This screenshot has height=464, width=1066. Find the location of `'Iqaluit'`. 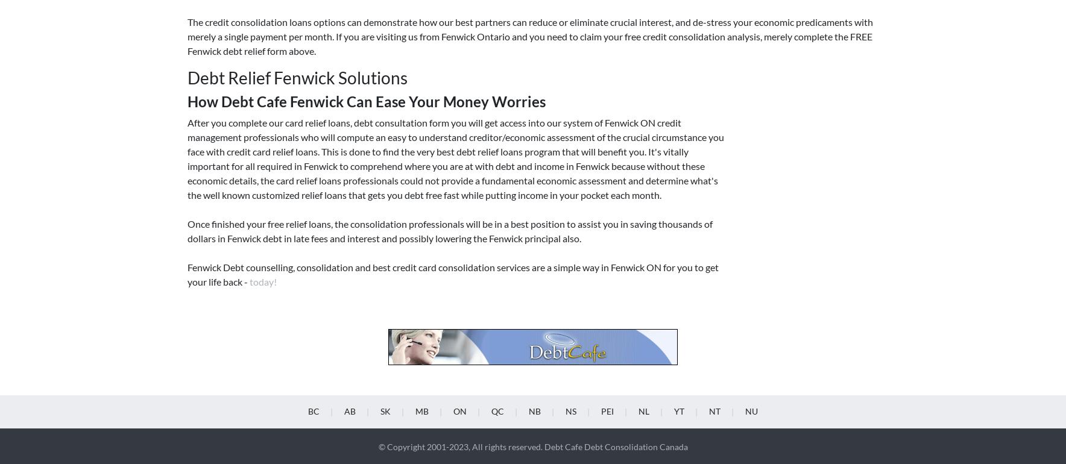

'Iqaluit' is located at coordinates (751, 206).